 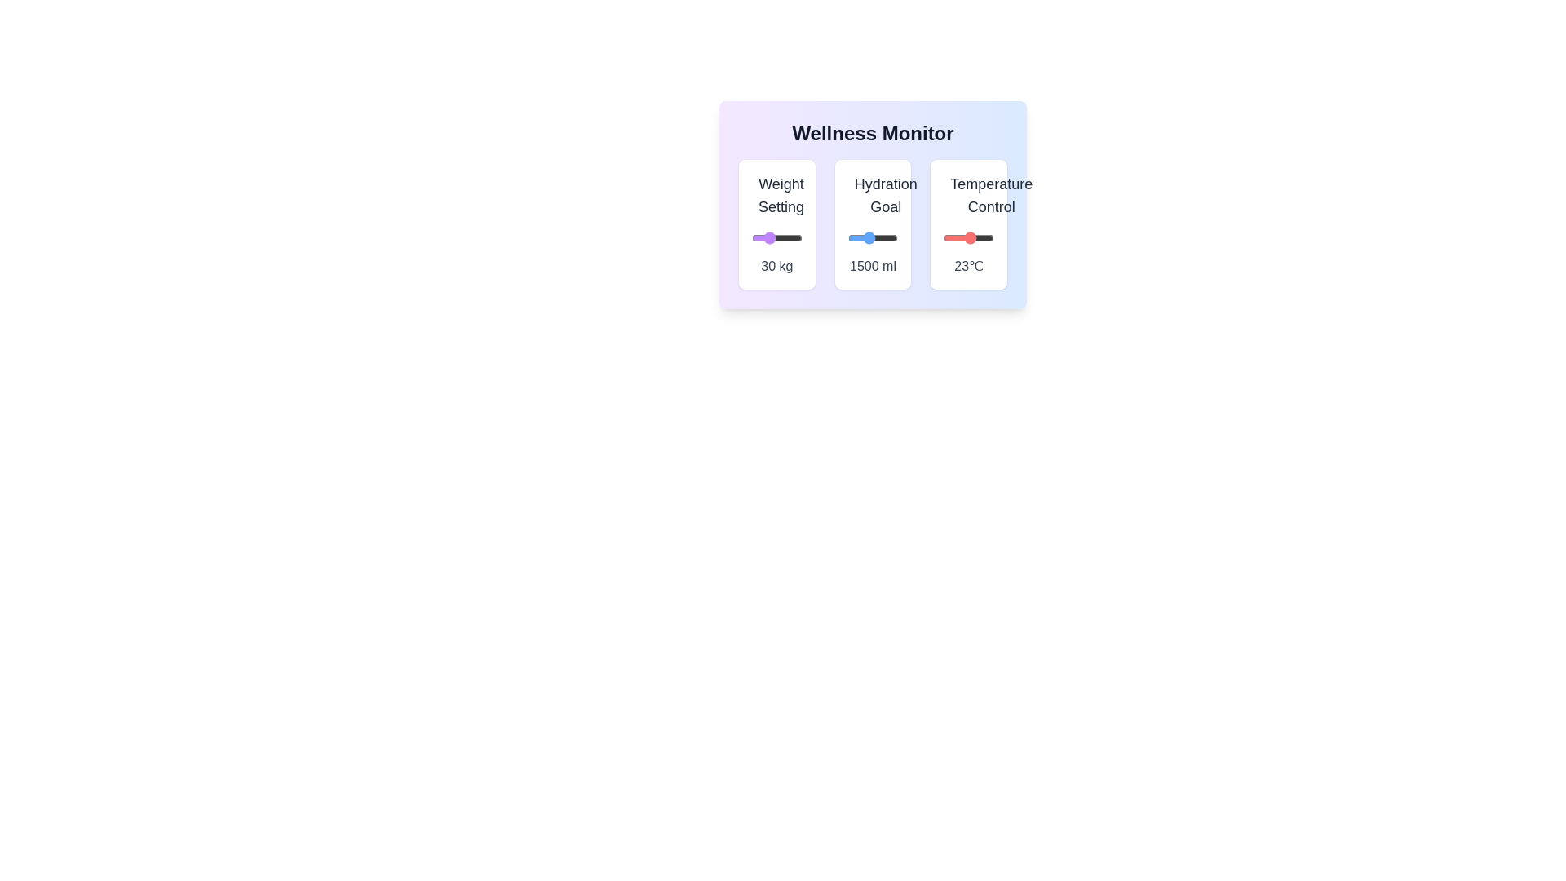 I want to click on the hydration slider control with the label '1500 ml', so click(x=872, y=224).